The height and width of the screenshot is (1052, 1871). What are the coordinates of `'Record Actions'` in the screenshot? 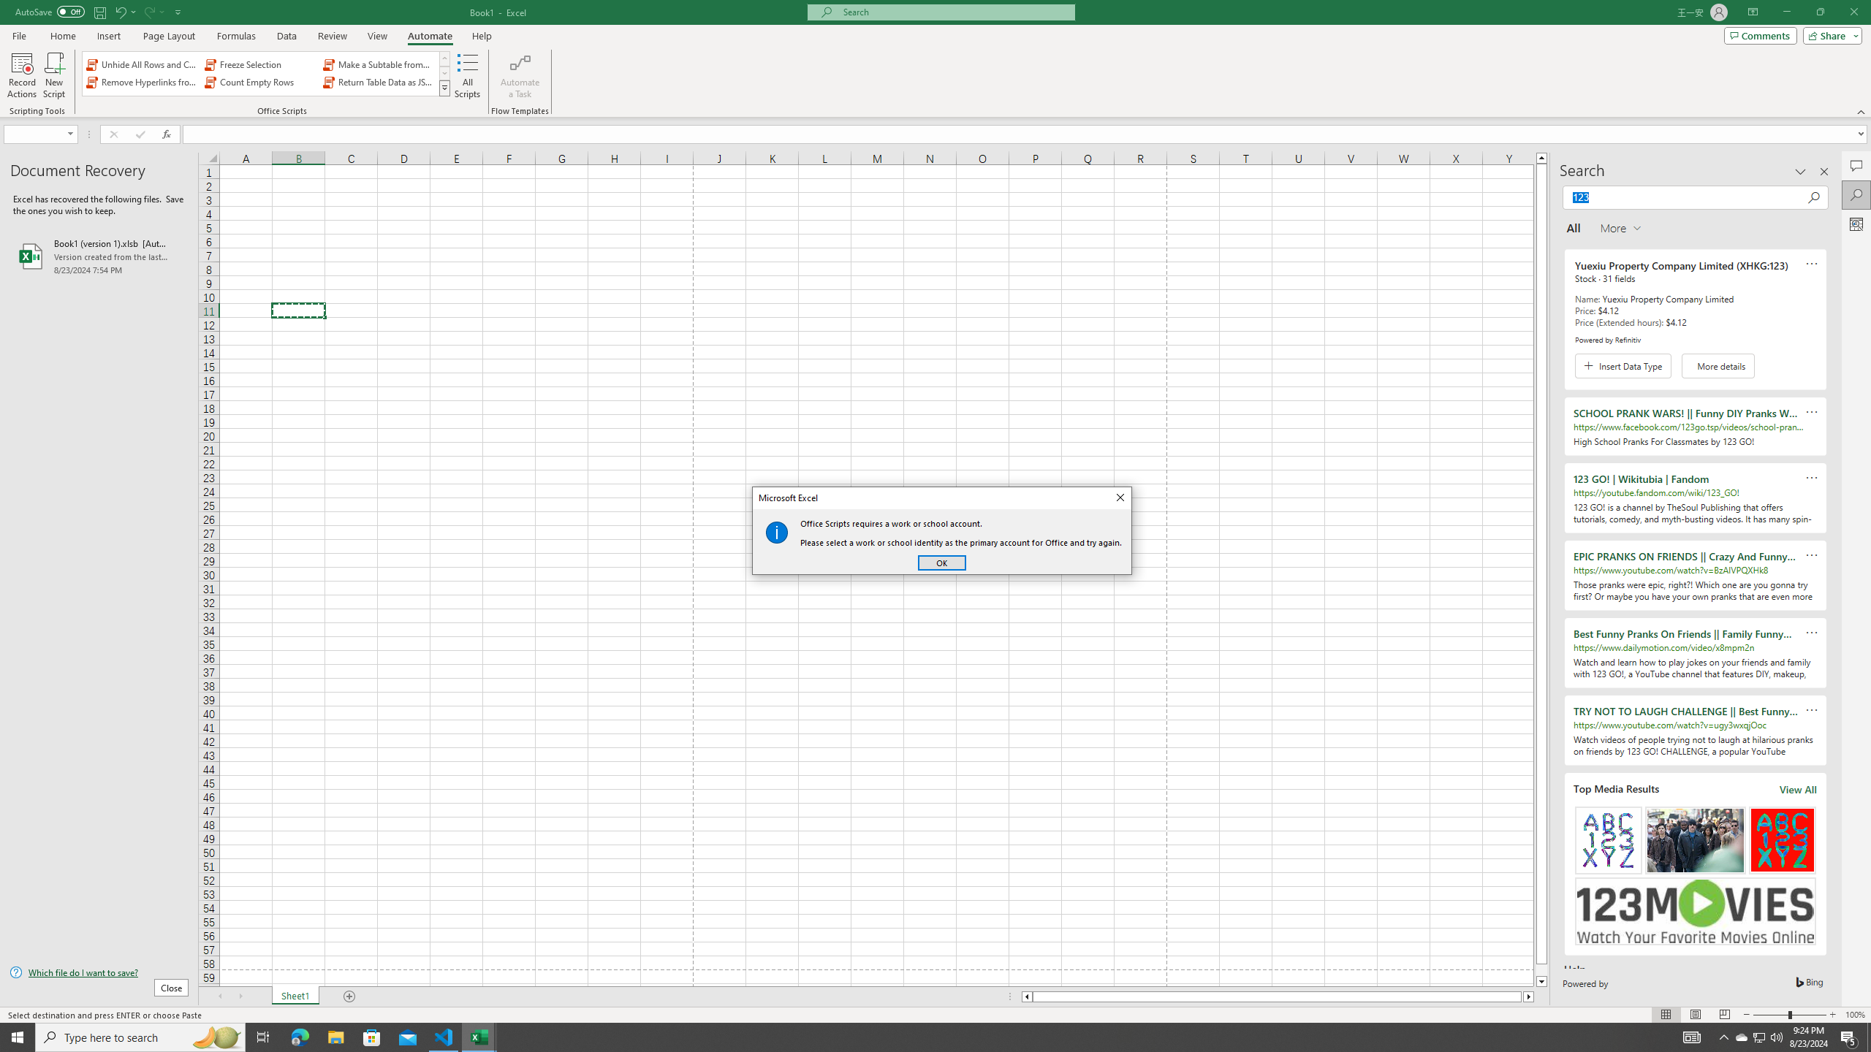 It's located at (21, 75).